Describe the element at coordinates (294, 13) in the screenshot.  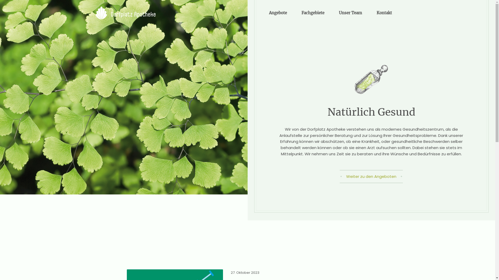
I see `'Fachgebiete'` at that location.